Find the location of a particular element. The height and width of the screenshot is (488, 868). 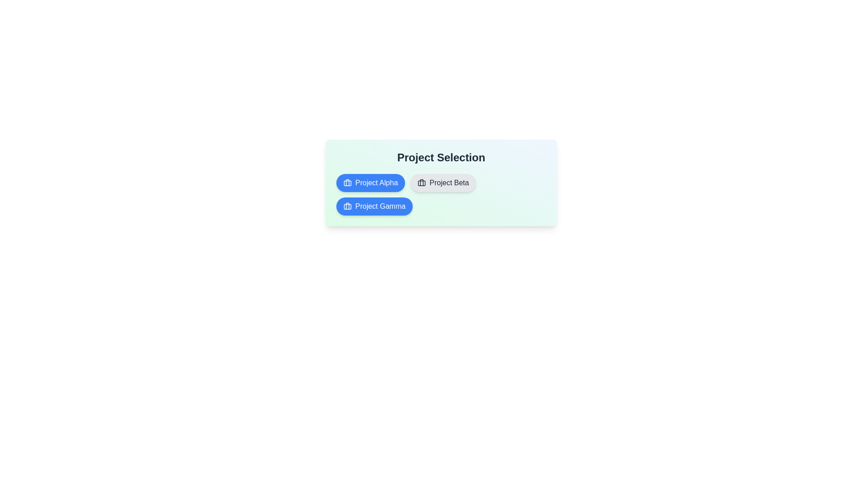

the project chip labeled Project Beta is located at coordinates (443, 183).